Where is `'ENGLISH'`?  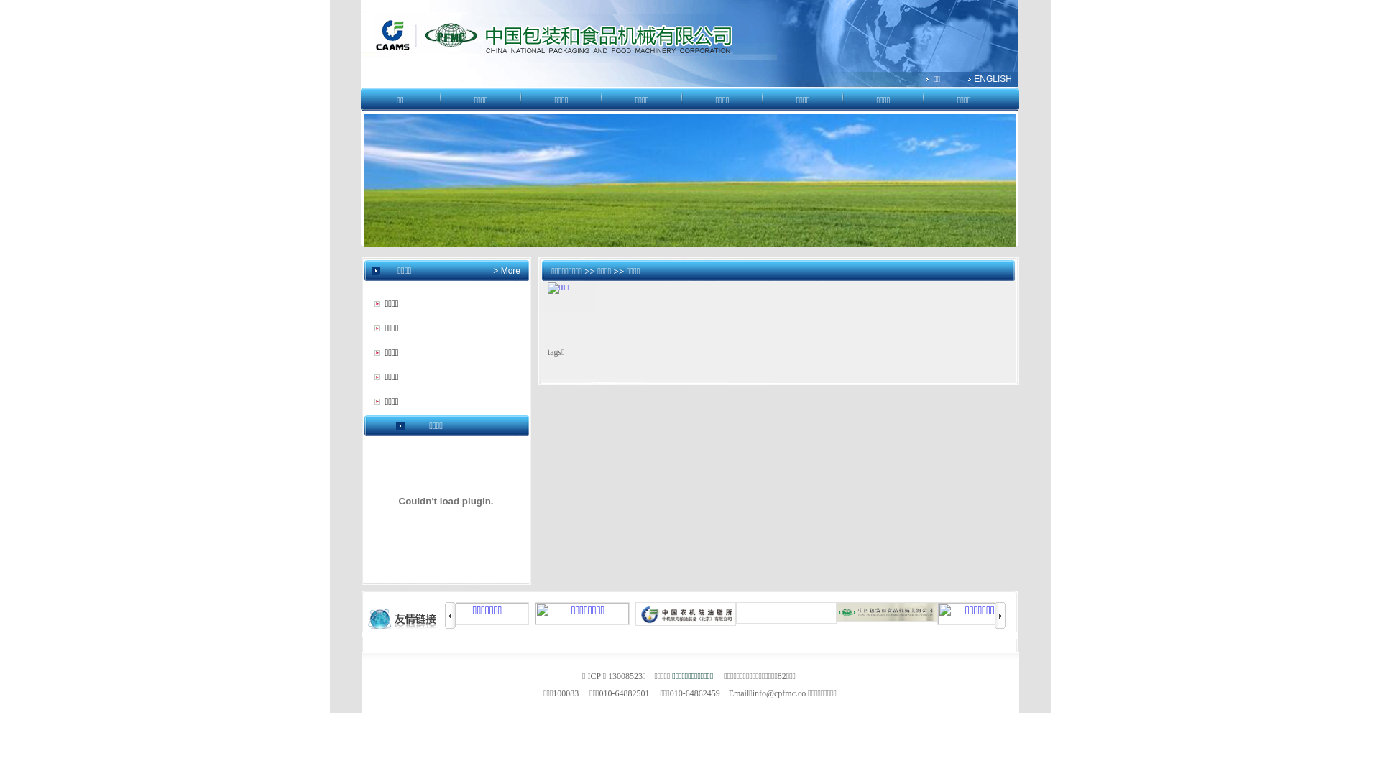
'ENGLISH' is located at coordinates (992, 79).